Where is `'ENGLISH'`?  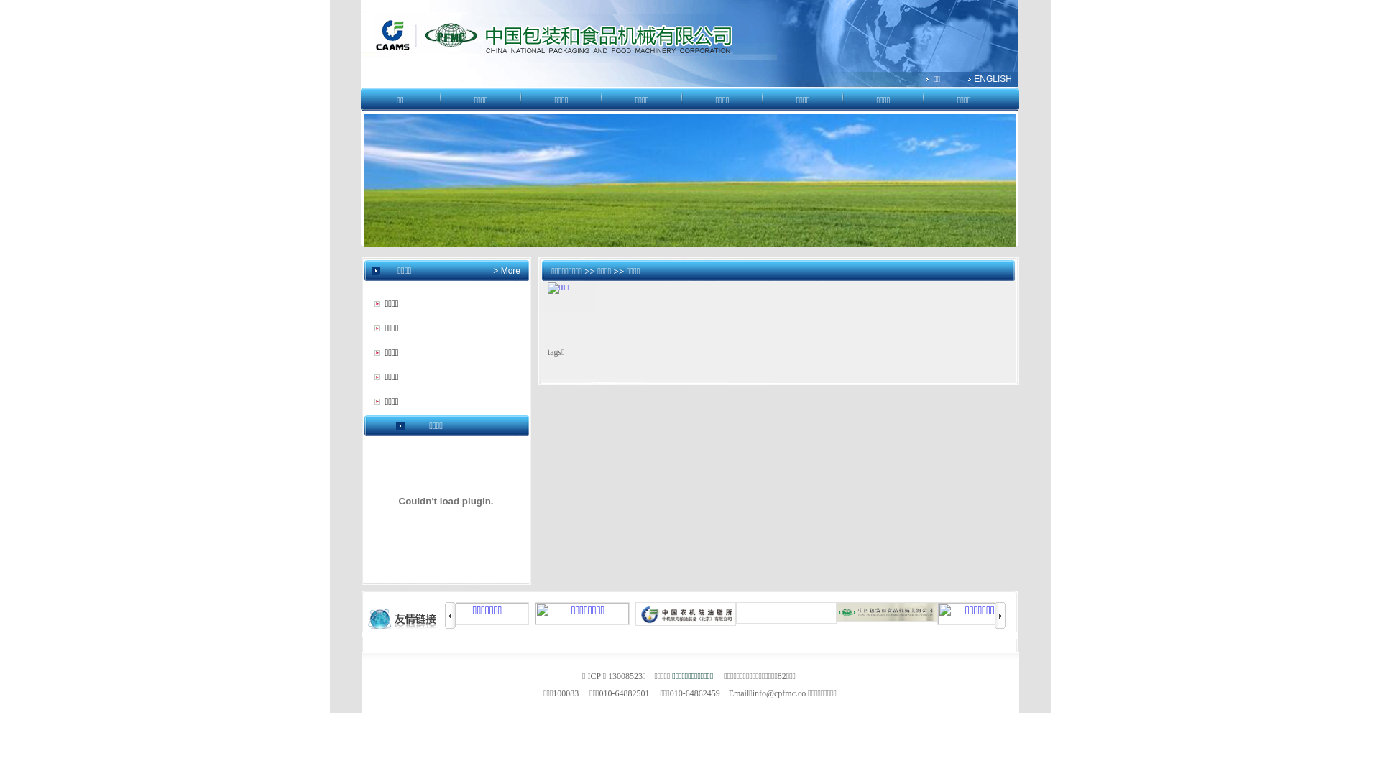
'ENGLISH' is located at coordinates (992, 79).